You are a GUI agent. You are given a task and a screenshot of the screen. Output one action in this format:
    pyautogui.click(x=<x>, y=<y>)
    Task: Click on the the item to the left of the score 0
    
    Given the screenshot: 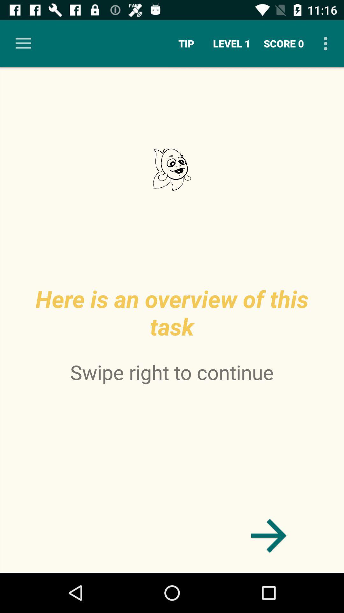 What is the action you would take?
    pyautogui.click(x=232, y=43)
    